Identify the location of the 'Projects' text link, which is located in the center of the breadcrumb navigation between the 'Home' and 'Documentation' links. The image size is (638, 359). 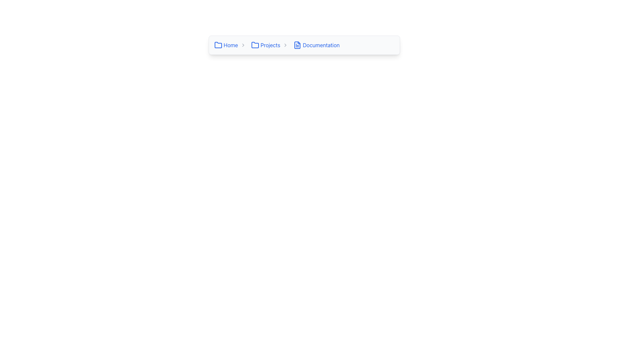
(270, 45).